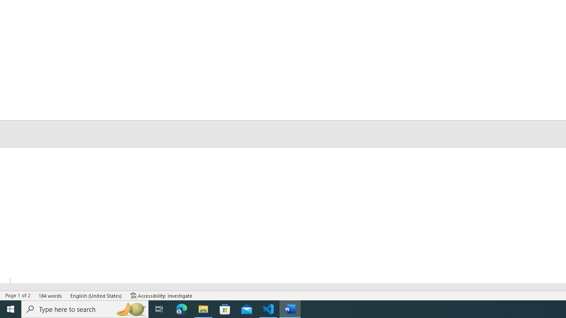 This screenshot has width=566, height=318. I want to click on 'Task View', so click(159, 308).